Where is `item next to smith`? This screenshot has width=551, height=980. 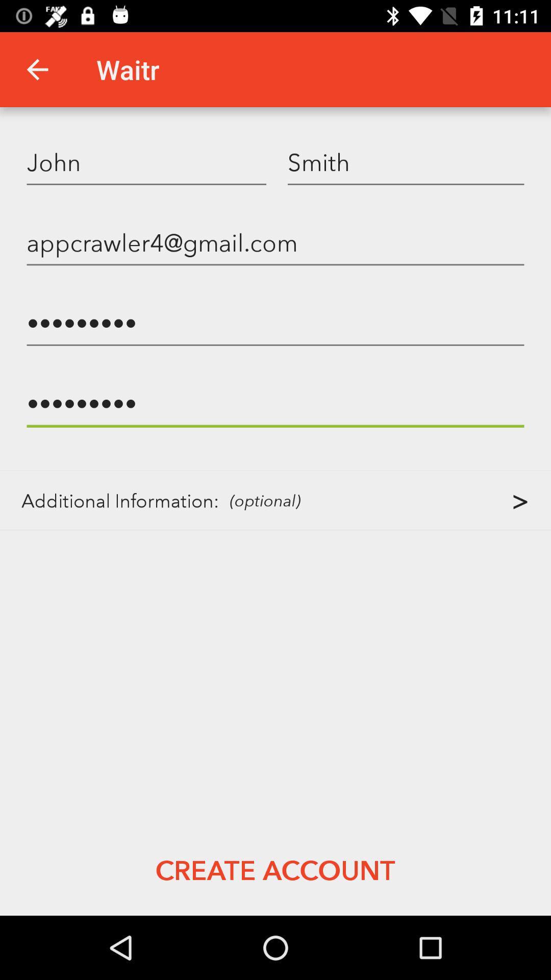 item next to smith is located at coordinates (146, 161).